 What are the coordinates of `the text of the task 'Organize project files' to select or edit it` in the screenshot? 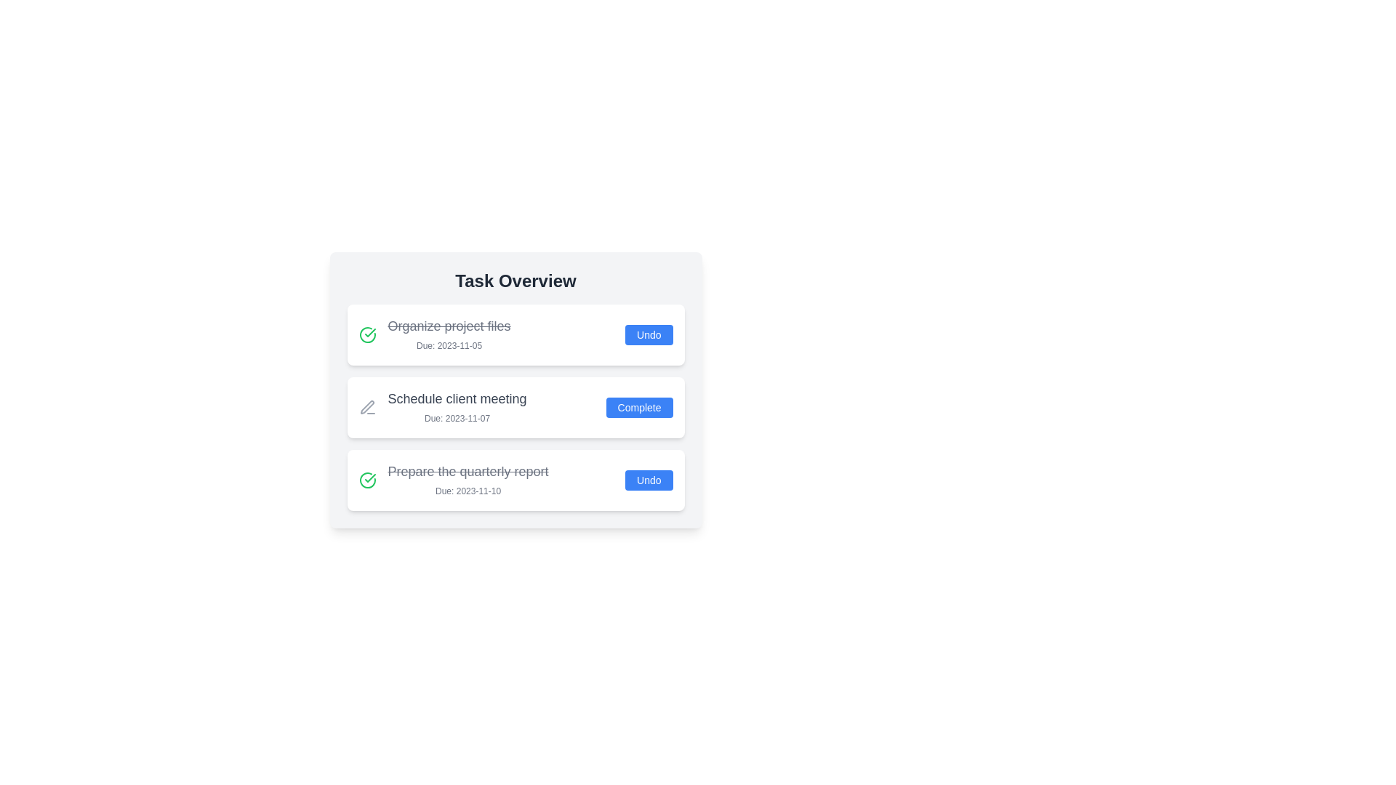 It's located at (449, 325).